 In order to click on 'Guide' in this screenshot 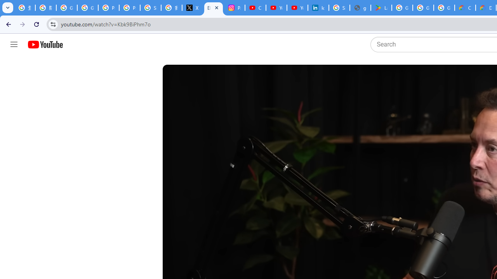, I will do `click(14, 45)`.